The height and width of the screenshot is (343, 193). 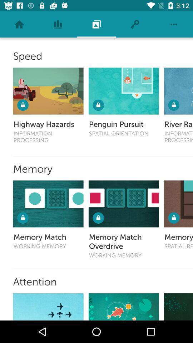 I want to click on penguin pursuit icon, so click(x=123, y=90).